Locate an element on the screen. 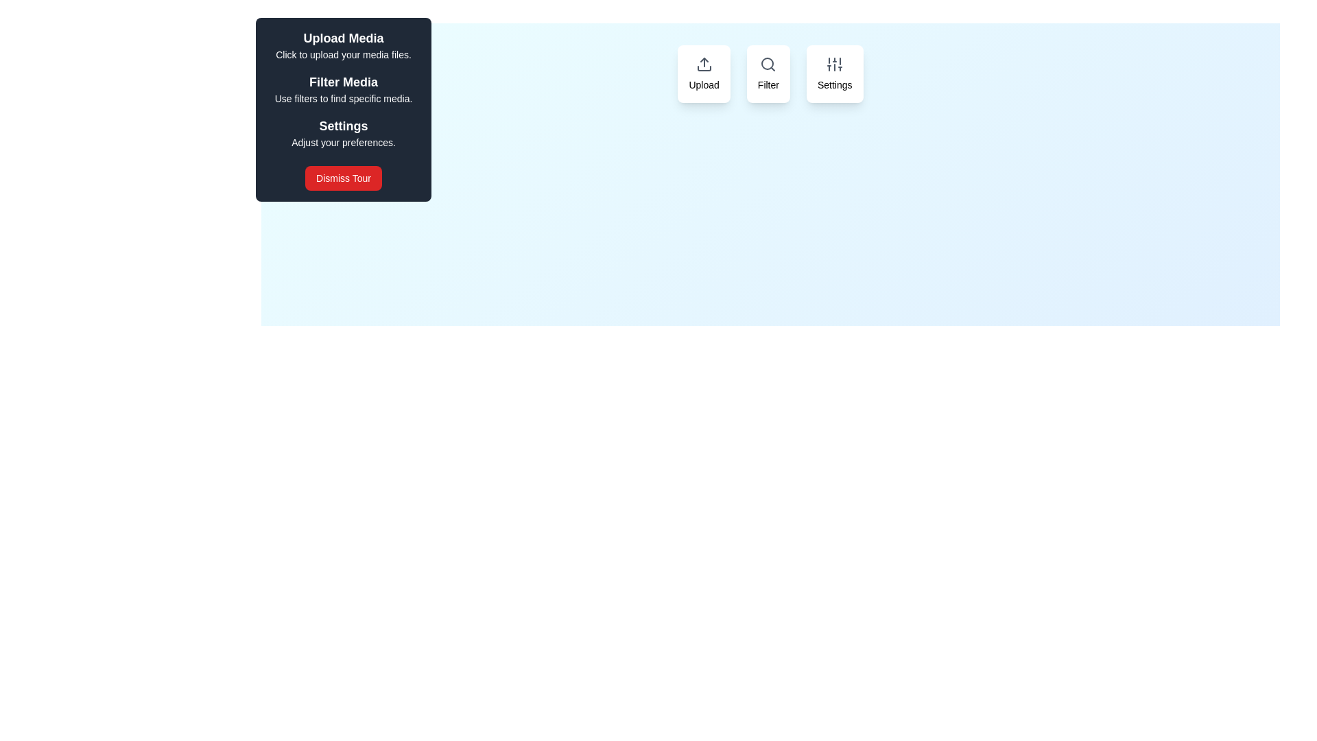 This screenshot has height=741, width=1317. the informational text block displaying 'Filter Media' and 'Use filters to find specific media.' which is positioned in a dark gray popup card, below 'Upload Media' and above 'Settings' is located at coordinates (343, 89).